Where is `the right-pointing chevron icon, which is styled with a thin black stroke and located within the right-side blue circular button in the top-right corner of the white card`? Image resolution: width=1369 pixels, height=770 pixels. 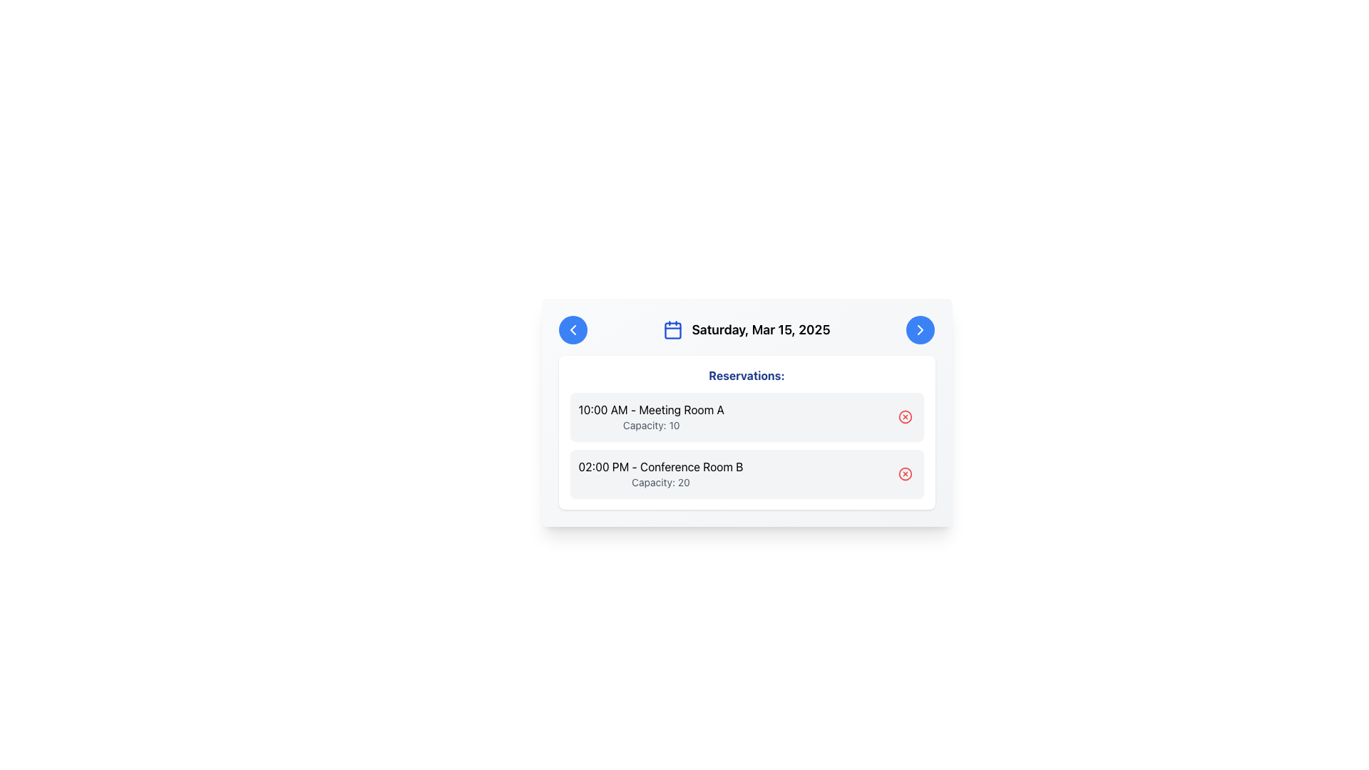 the right-pointing chevron icon, which is styled with a thin black stroke and located within the right-side blue circular button in the top-right corner of the white card is located at coordinates (921, 329).